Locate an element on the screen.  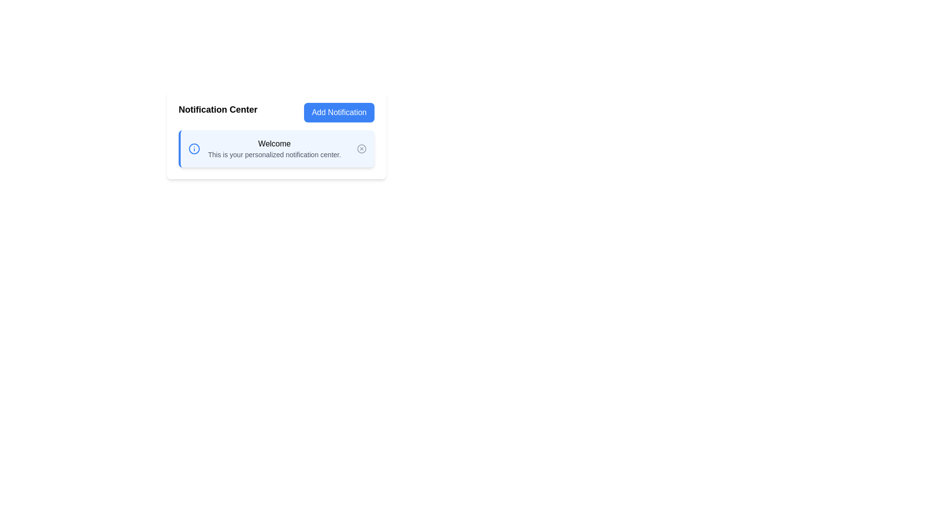
the circular shape element with a blue outline located in the top-left corner of the notification card, underneath the 'Notification Center' header is located at coordinates (194, 149).